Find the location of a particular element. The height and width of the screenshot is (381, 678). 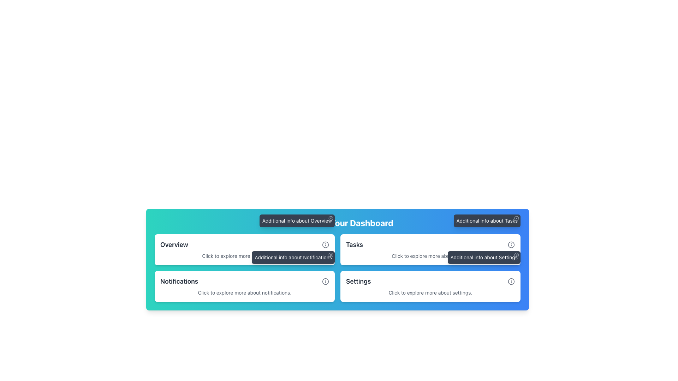

text label providing additional information beneath the bolded title 'Overview' is located at coordinates (244, 256).